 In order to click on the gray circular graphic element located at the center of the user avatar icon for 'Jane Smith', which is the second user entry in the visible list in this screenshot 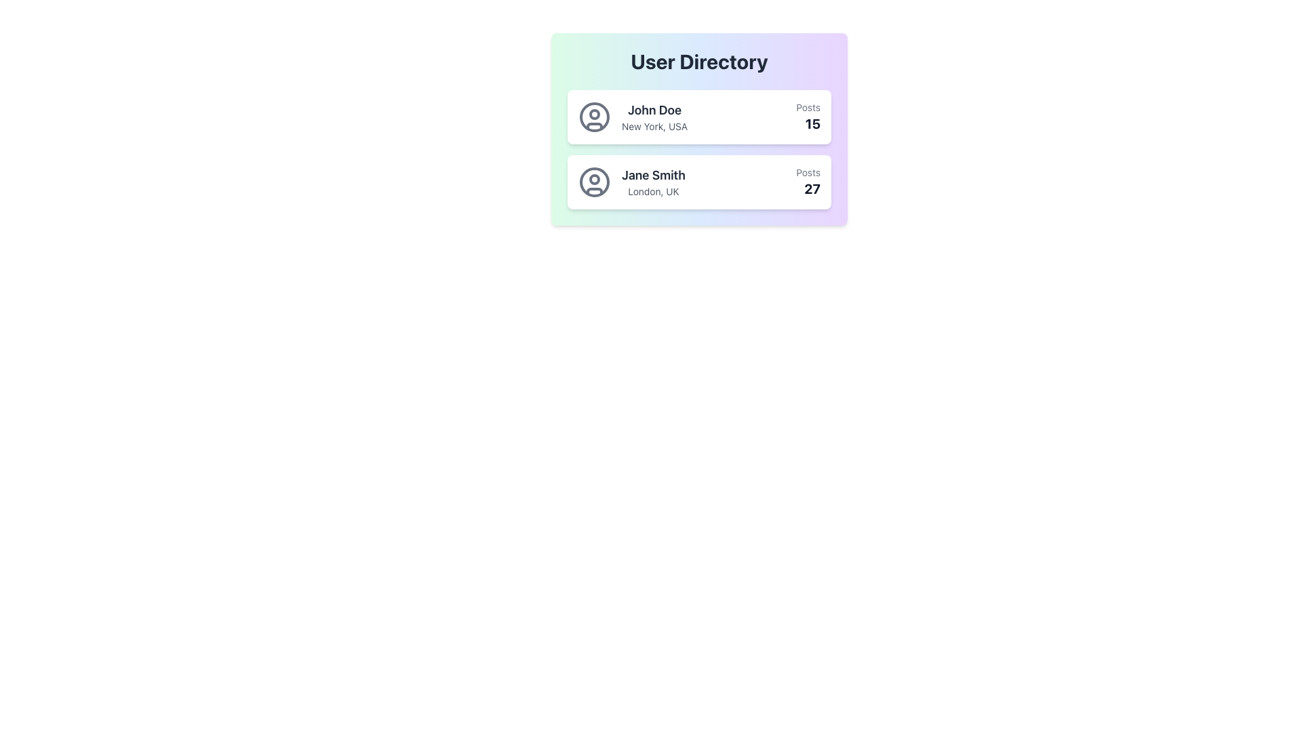, I will do `click(595, 179)`.